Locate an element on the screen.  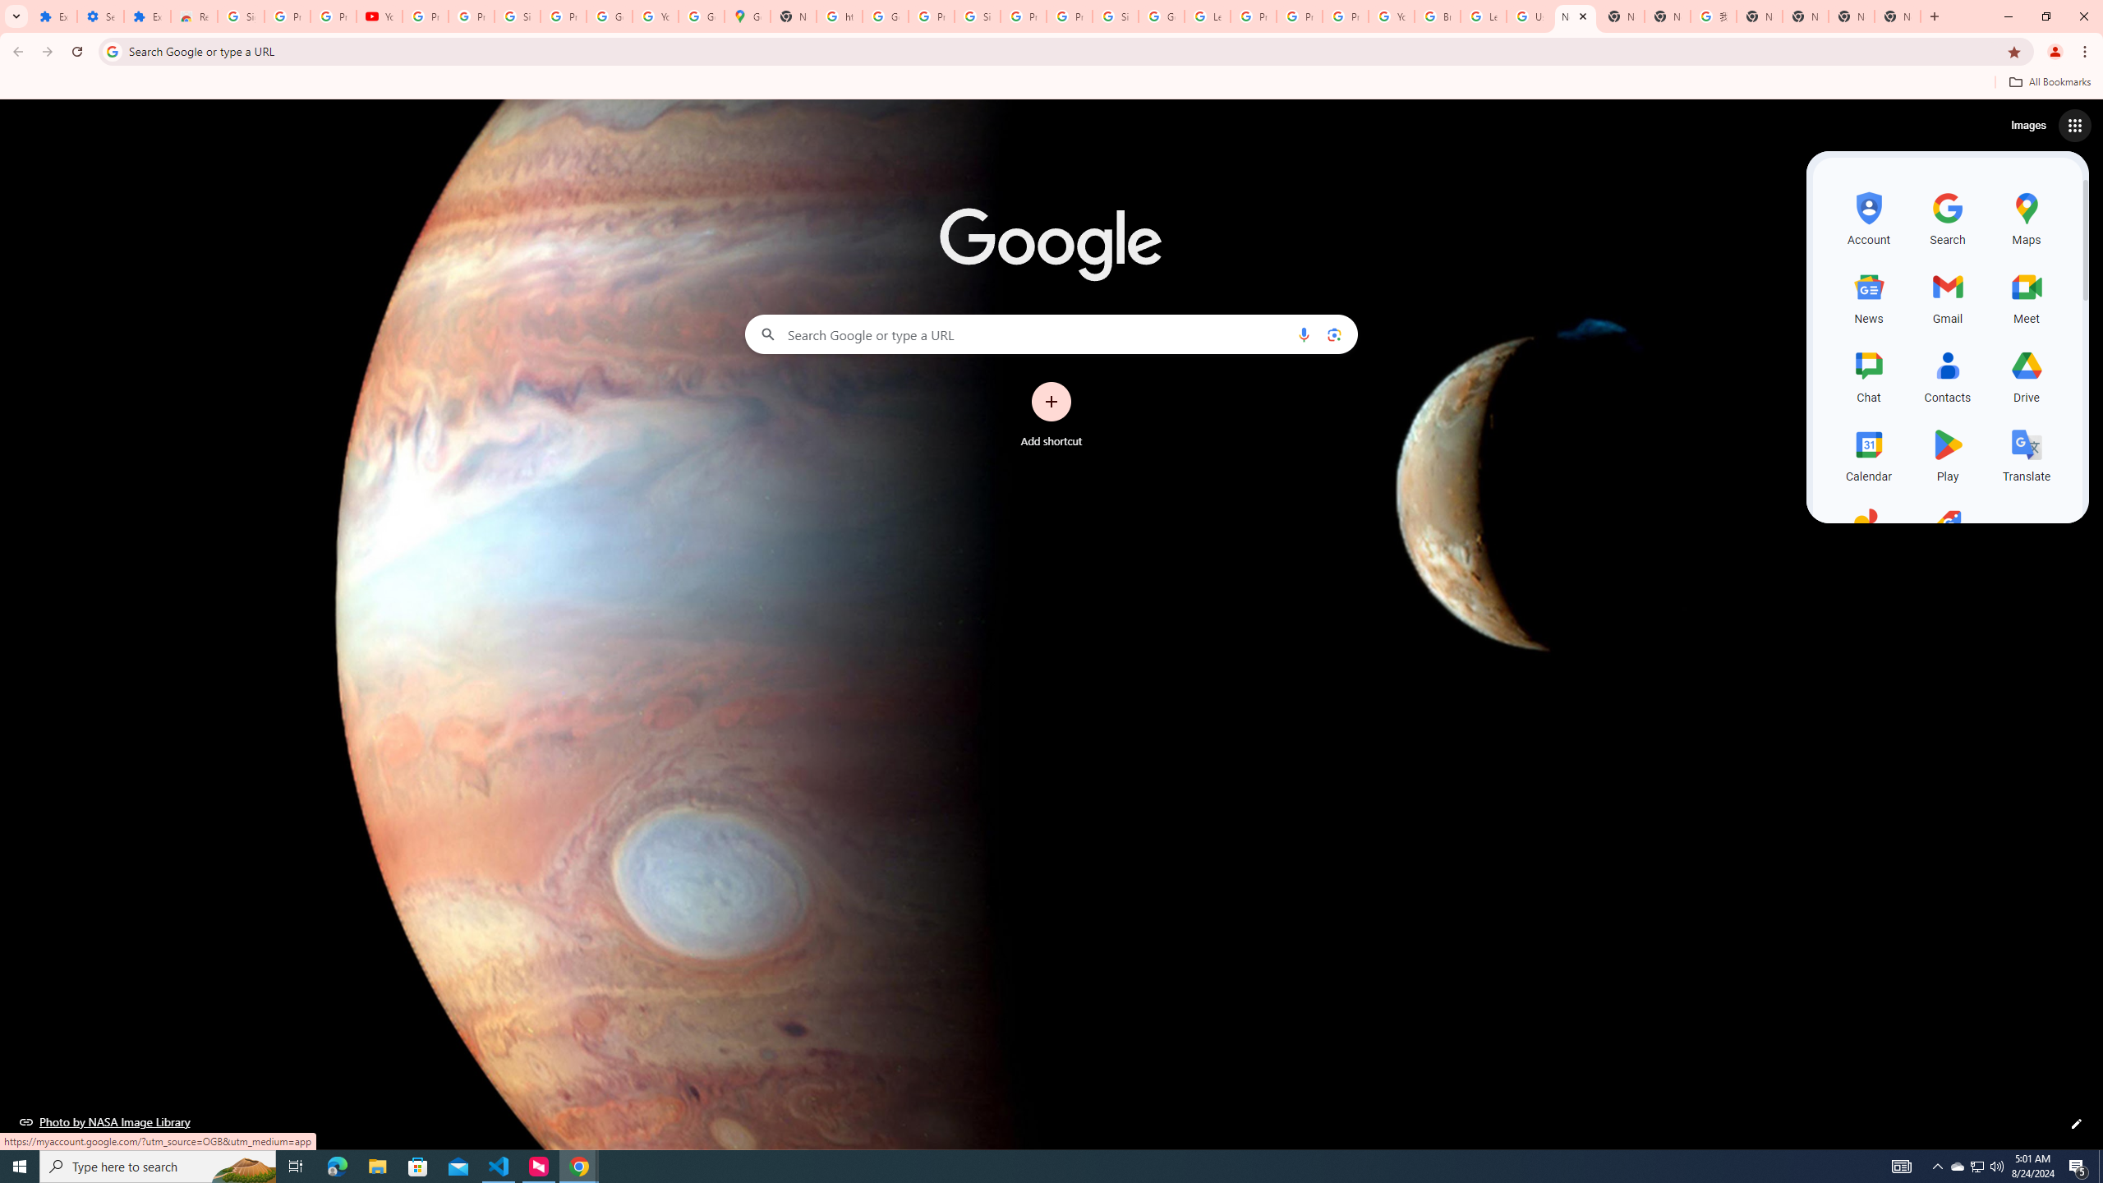
'Play, row 4 of 5 and column 2 of 3 in the first section' is located at coordinates (1948, 453).